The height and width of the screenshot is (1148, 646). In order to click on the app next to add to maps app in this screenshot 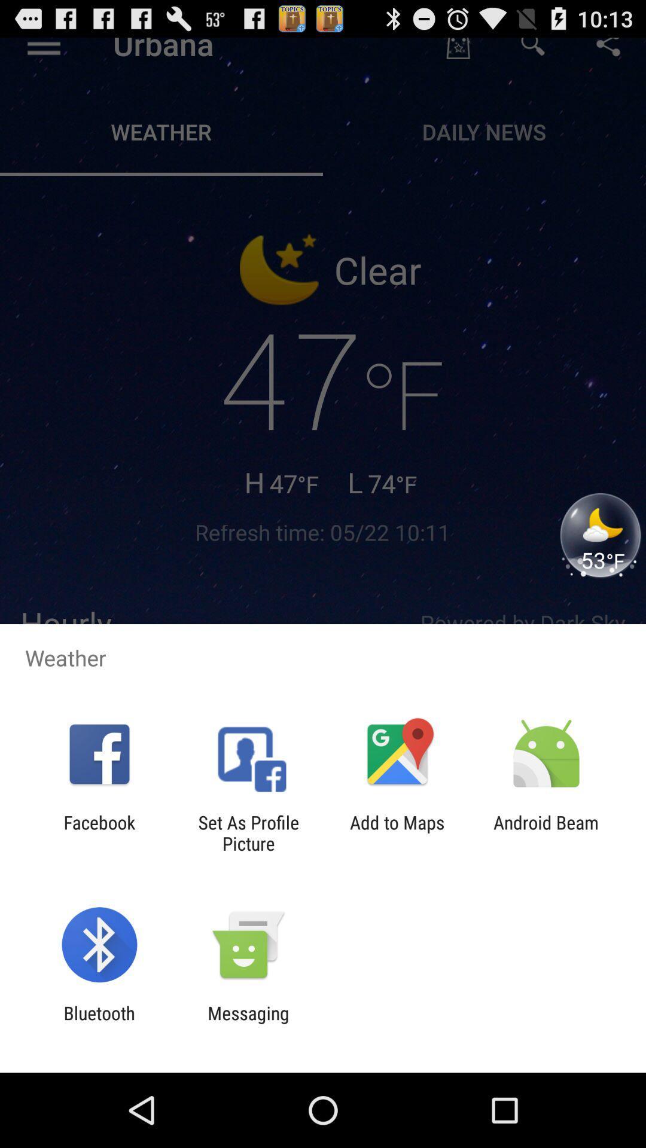, I will do `click(248, 832)`.